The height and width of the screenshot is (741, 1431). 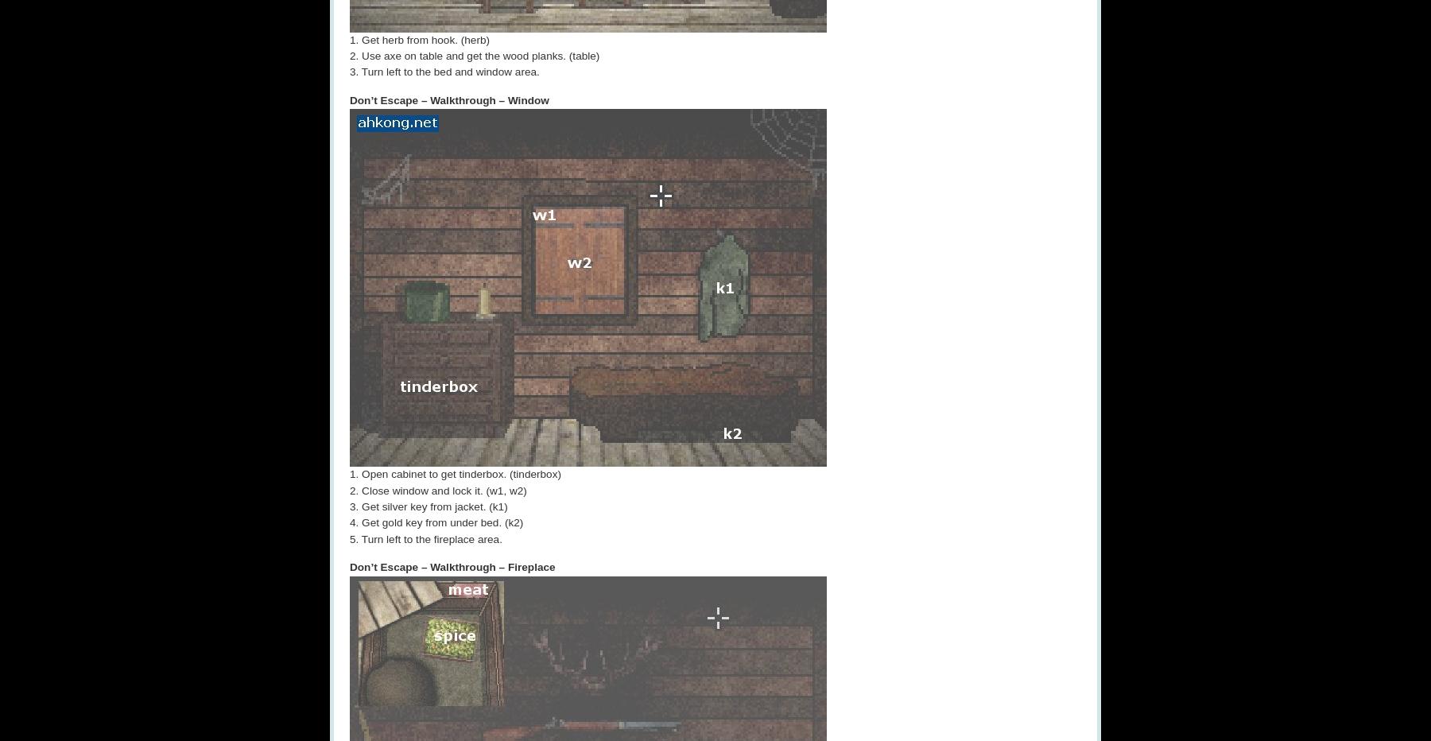 What do you see at coordinates (436, 489) in the screenshot?
I see `'2. Close window and lock it. (w1, w2)'` at bounding box center [436, 489].